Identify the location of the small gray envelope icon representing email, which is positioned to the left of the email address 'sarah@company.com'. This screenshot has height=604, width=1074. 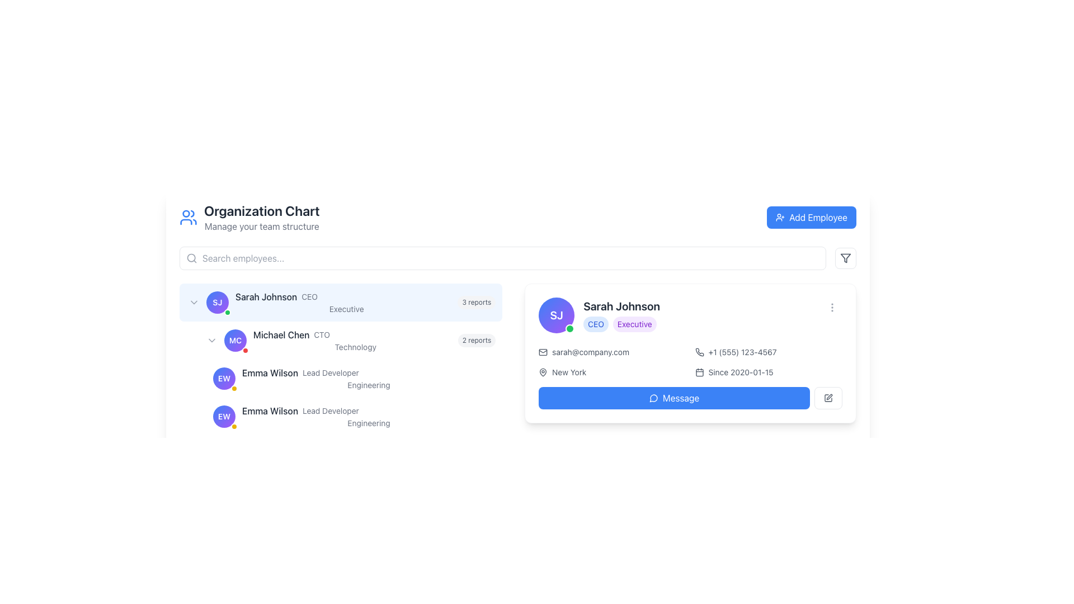
(543, 351).